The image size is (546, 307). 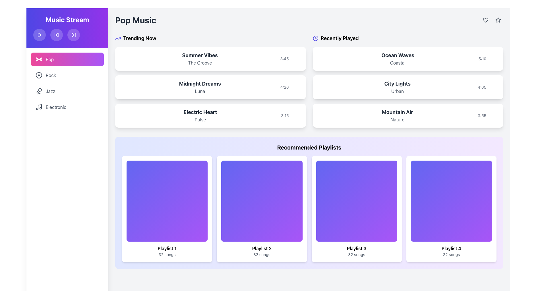 What do you see at coordinates (498, 20) in the screenshot?
I see `the star icon located in the top-right corner of the interface` at bounding box center [498, 20].